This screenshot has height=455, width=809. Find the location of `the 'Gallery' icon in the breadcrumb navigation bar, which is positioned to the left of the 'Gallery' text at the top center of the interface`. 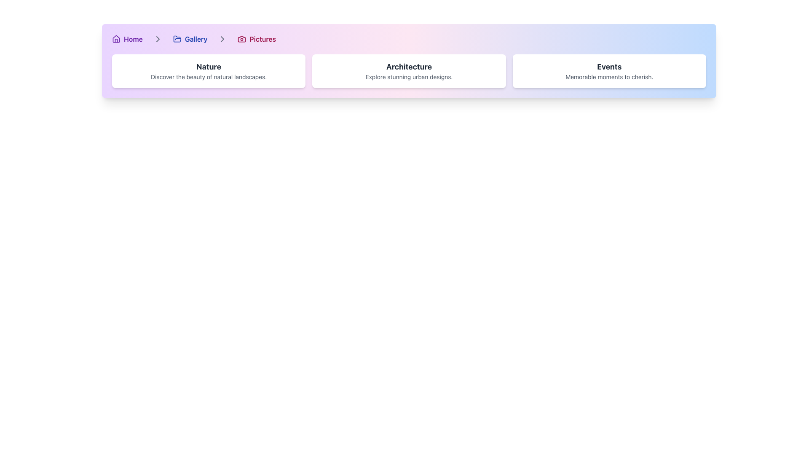

the 'Gallery' icon in the breadcrumb navigation bar, which is positioned to the left of the 'Gallery' text at the top center of the interface is located at coordinates (177, 39).